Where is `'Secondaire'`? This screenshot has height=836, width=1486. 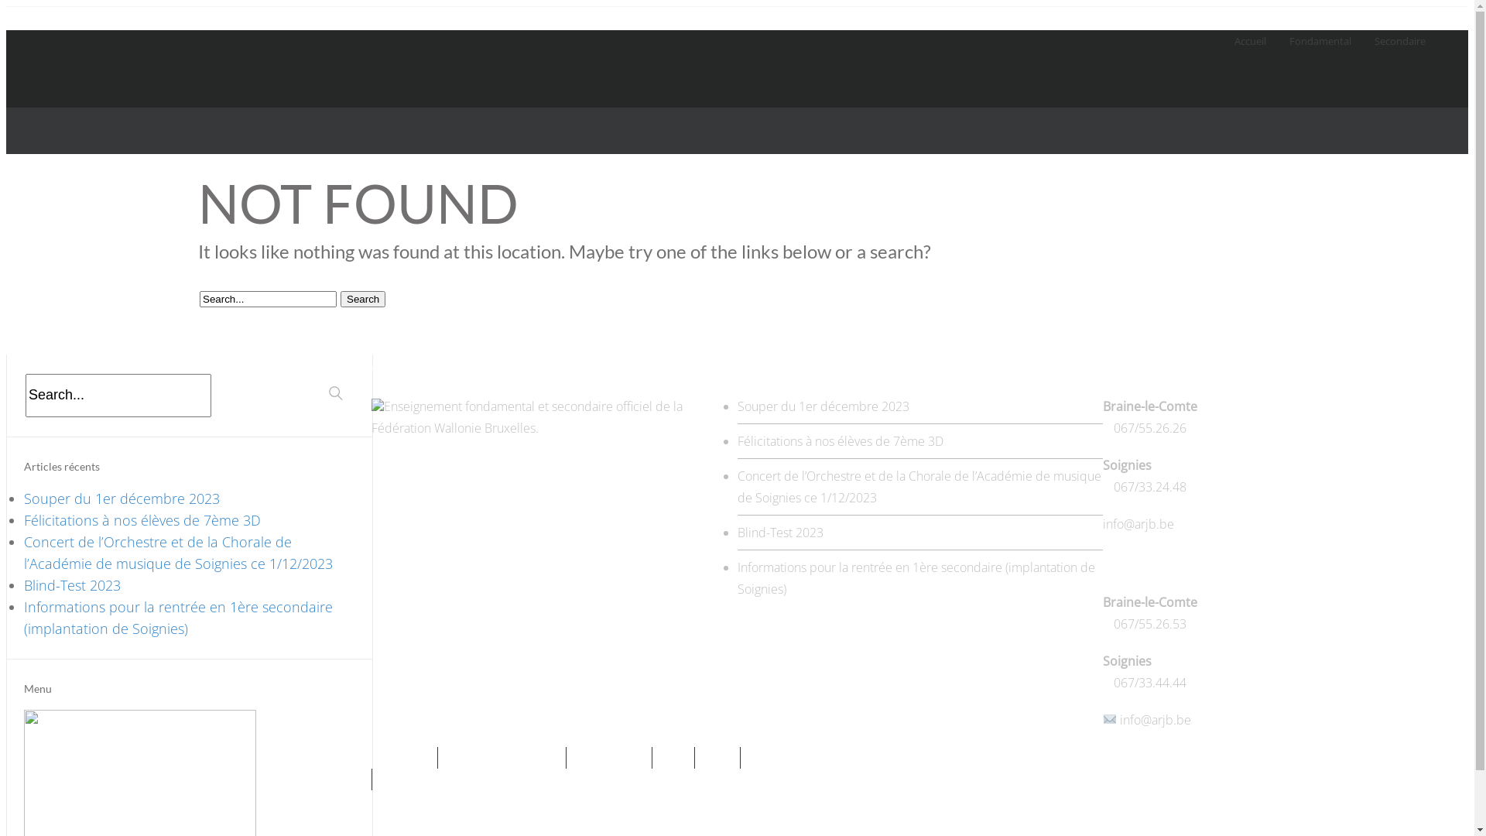 'Secondaire' is located at coordinates (1375, 29).